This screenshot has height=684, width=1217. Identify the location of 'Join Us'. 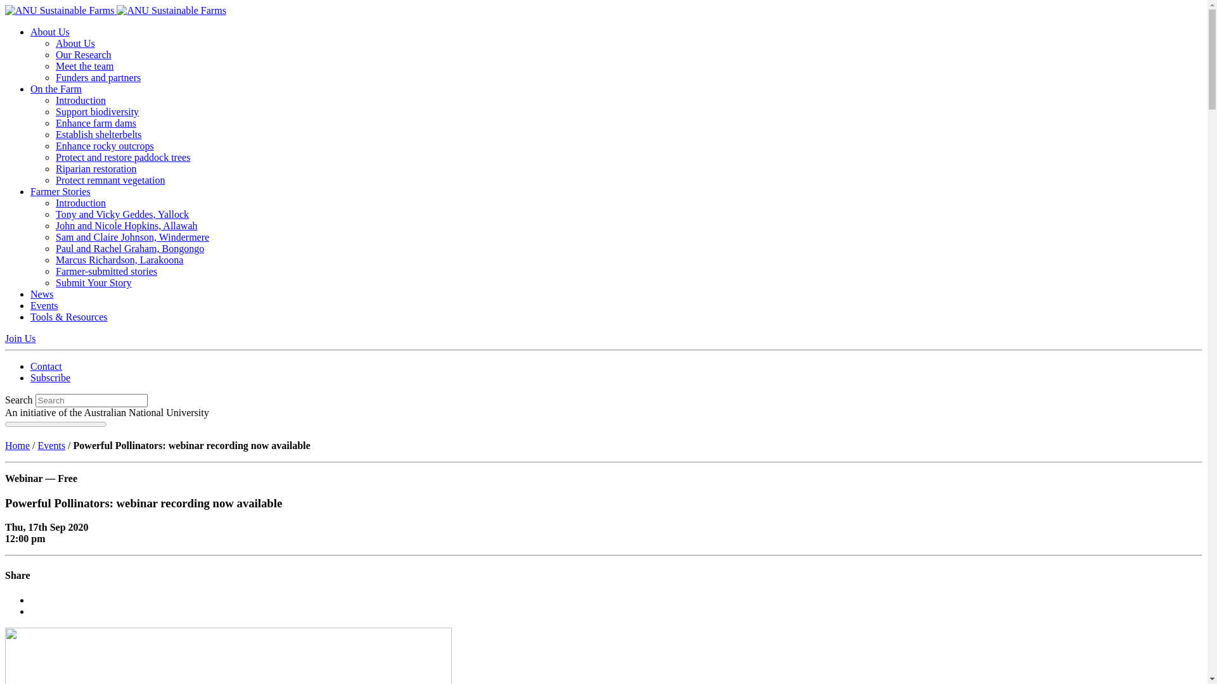
(20, 338).